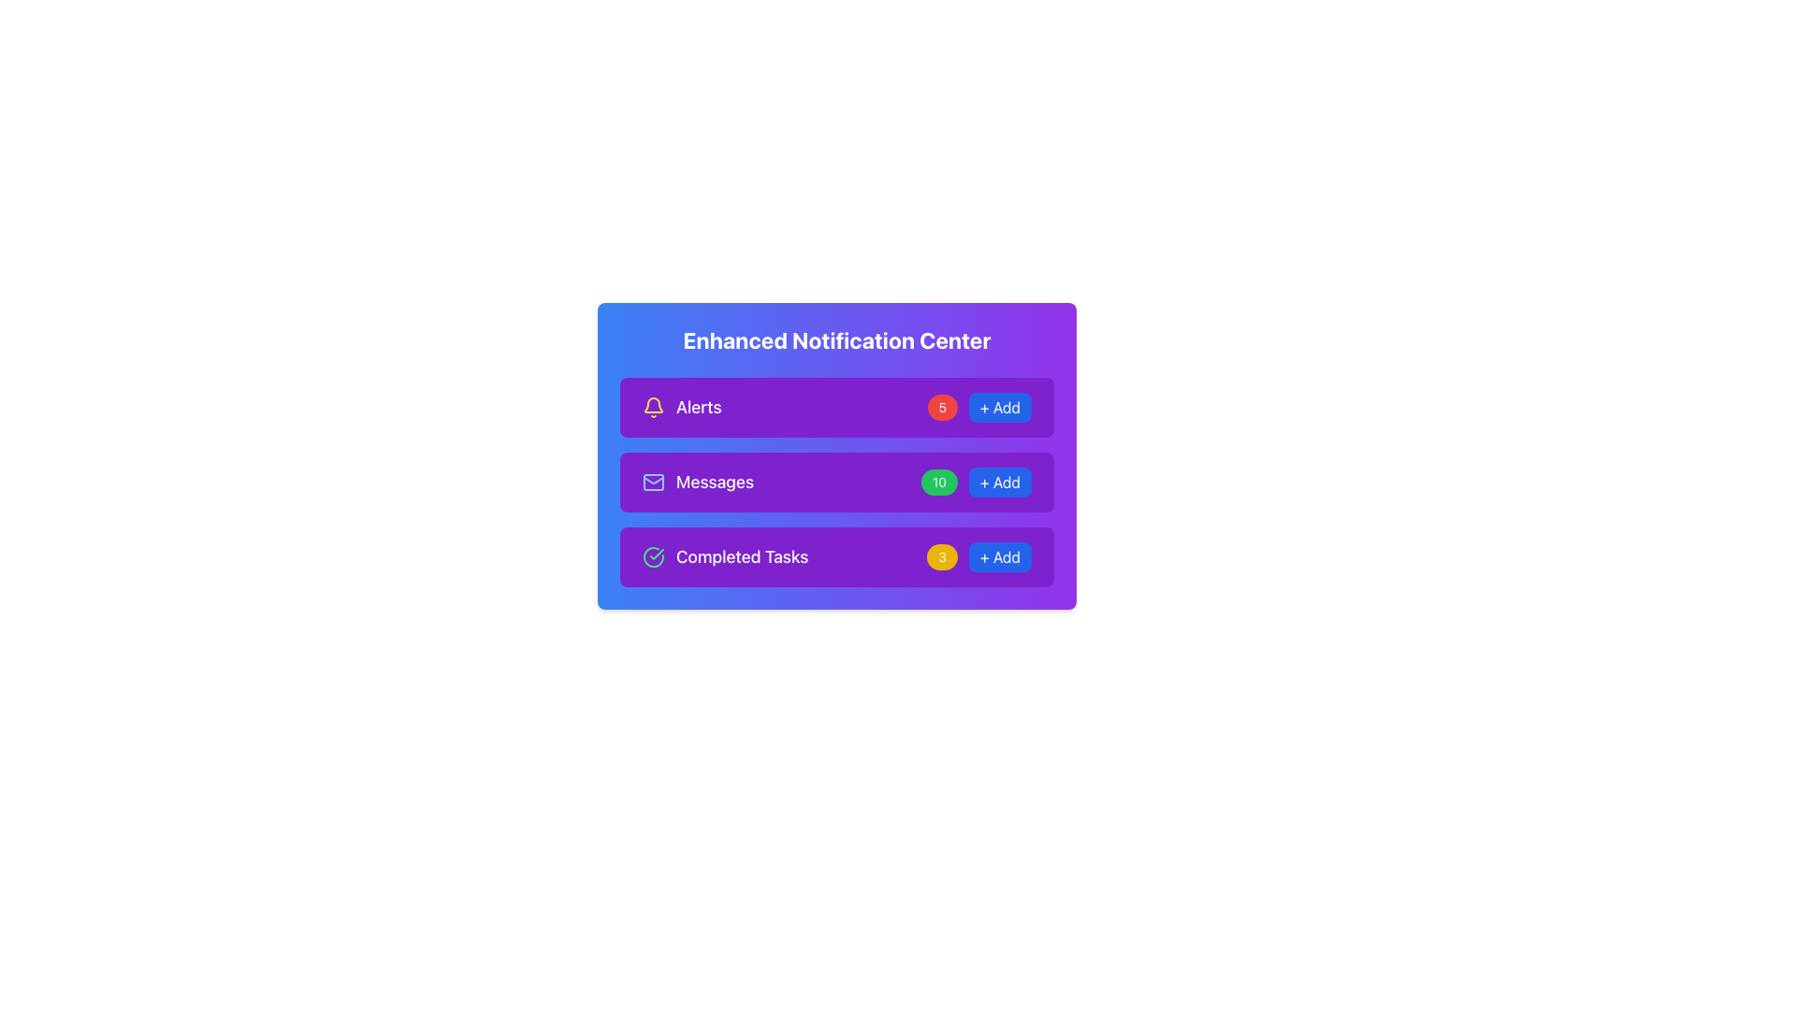  What do you see at coordinates (654, 482) in the screenshot?
I see `the SVG Rectangle that forms the main body of the 'Messages' icon in the notification panel` at bounding box center [654, 482].